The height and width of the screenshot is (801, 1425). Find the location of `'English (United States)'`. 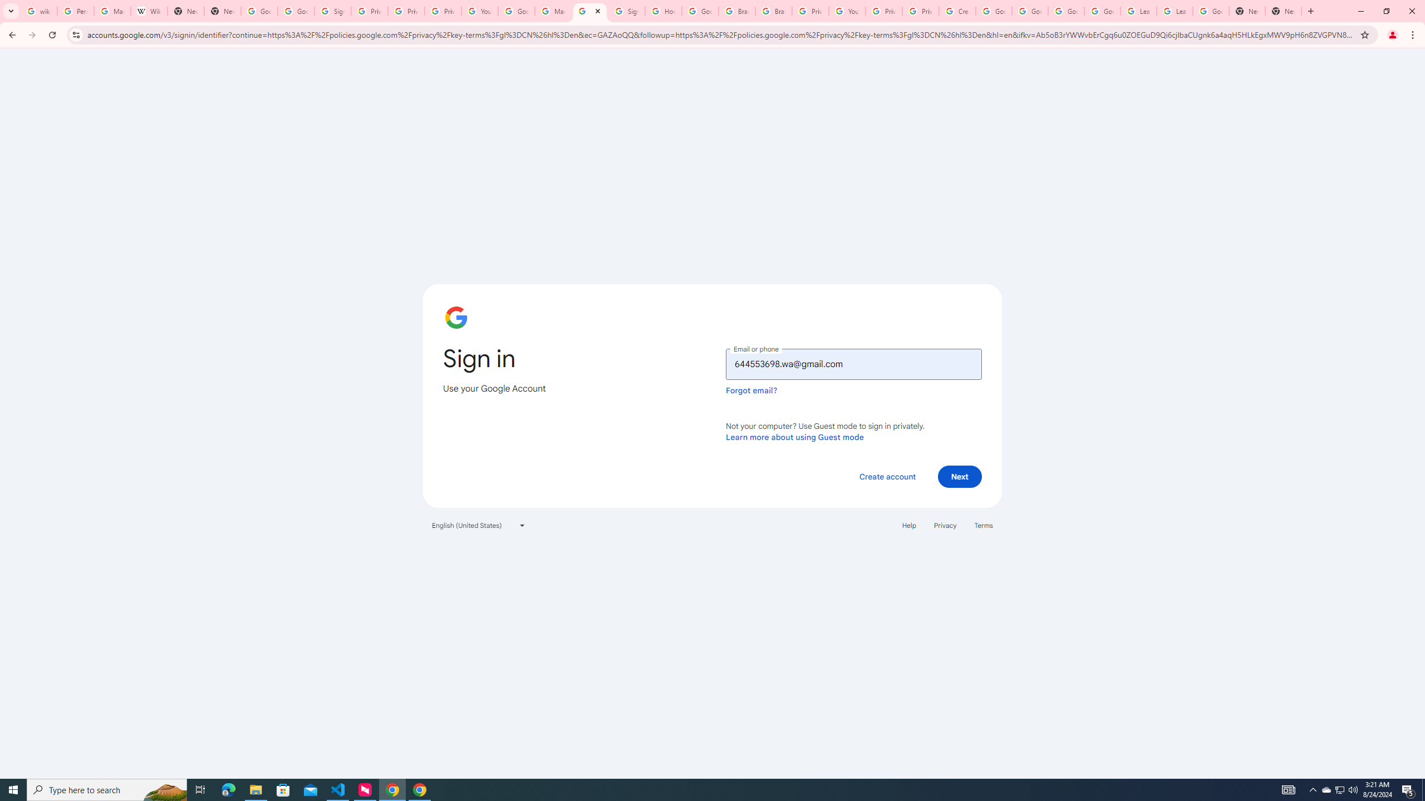

'English (United States)' is located at coordinates (479, 524).